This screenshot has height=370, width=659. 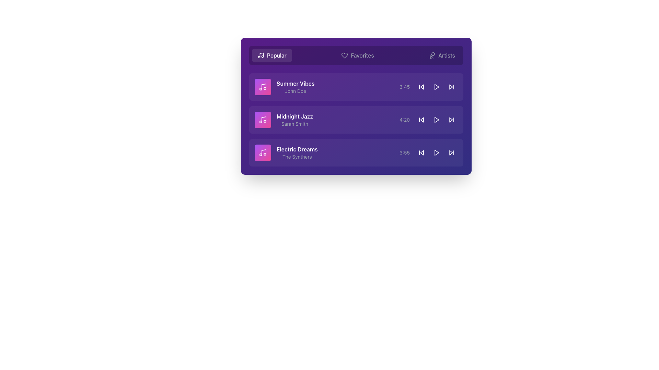 I want to click on the third music track item in the playlist, so click(x=356, y=152).